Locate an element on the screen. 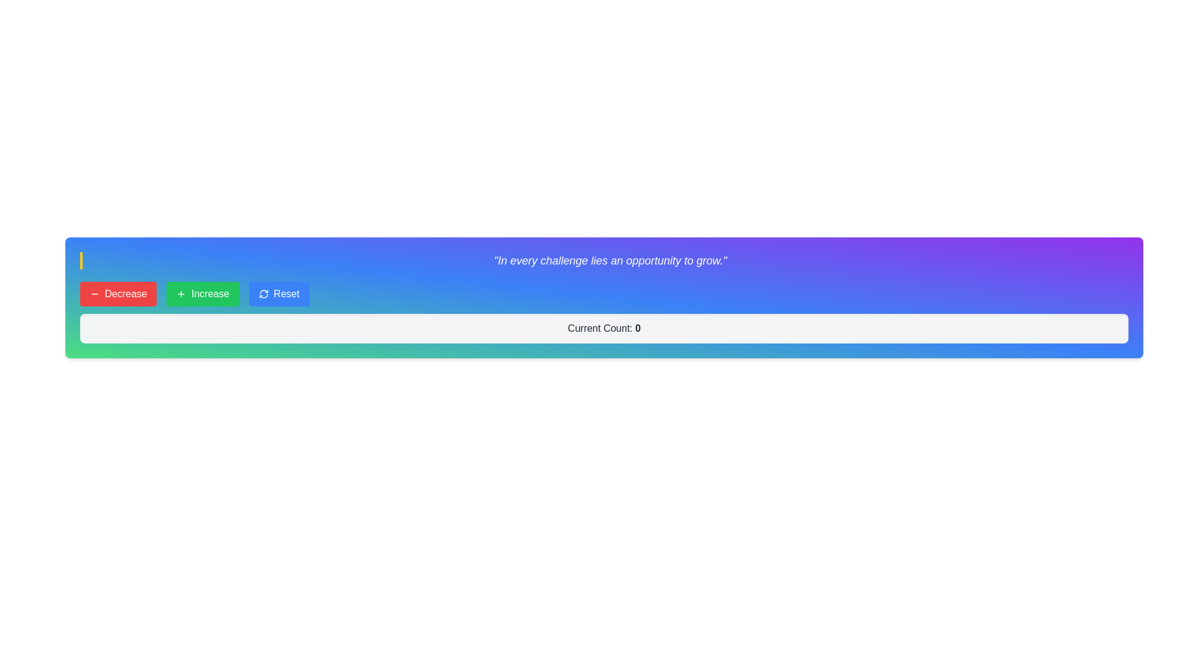  the text displaying the current numerical value associated with the counter functionality, labeled 'Current Count: 0', which is positioned on the right-hand side of its label is located at coordinates (638, 327).